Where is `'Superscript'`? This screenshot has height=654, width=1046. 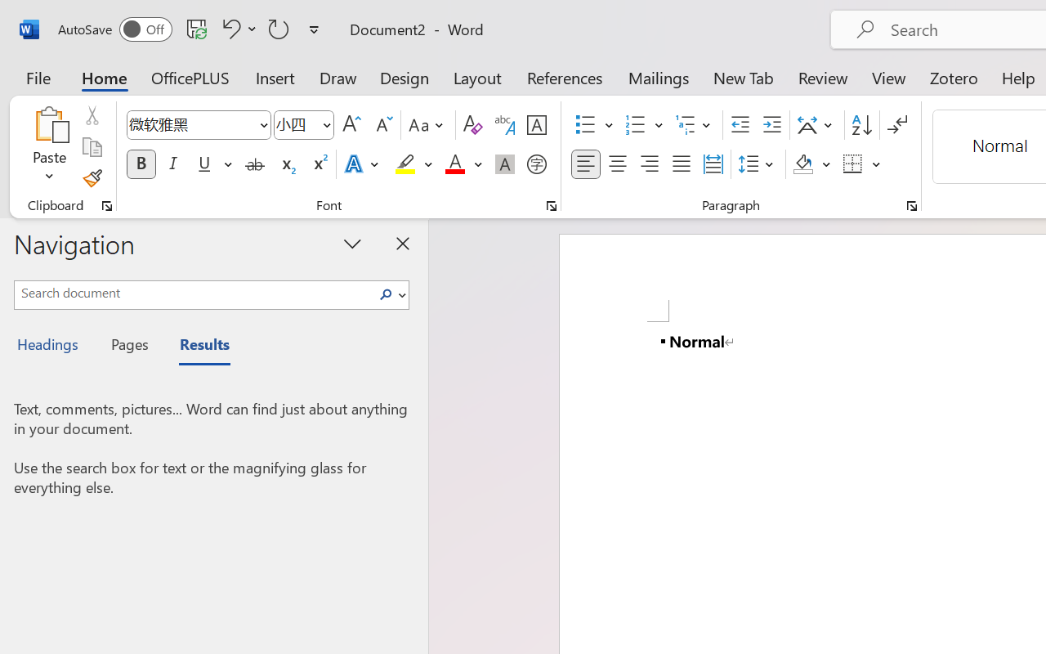
'Superscript' is located at coordinates (319, 164).